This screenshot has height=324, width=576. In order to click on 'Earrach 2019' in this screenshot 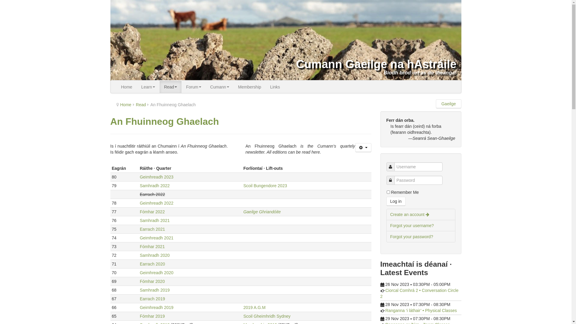, I will do `click(152, 298)`.